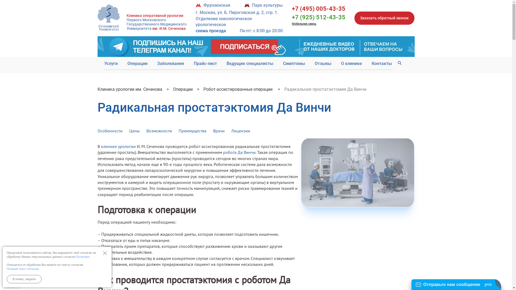 The height and width of the screenshot is (290, 516). What do you see at coordinates (318, 9) in the screenshot?
I see `'+7 (495) 005-43-35'` at bounding box center [318, 9].